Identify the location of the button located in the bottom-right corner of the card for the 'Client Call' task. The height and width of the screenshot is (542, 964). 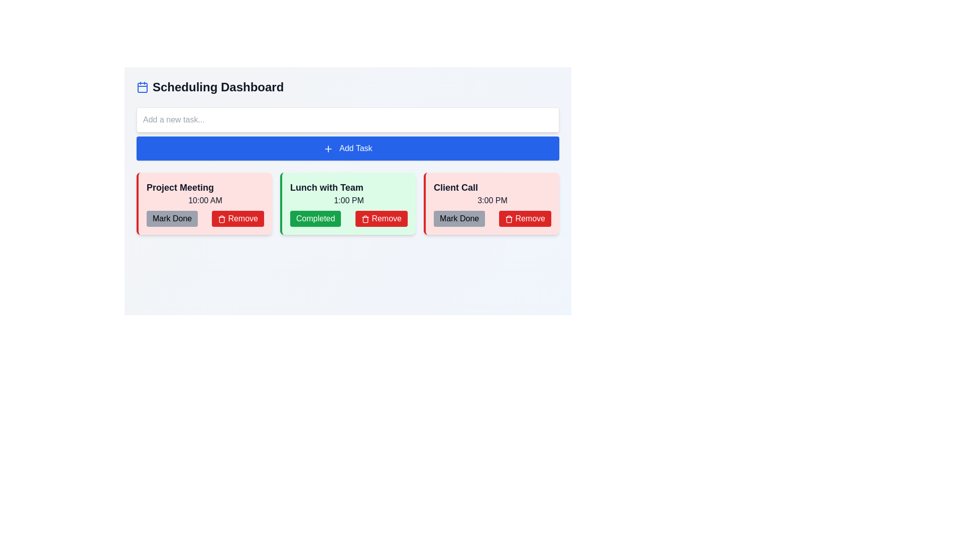
(525, 218).